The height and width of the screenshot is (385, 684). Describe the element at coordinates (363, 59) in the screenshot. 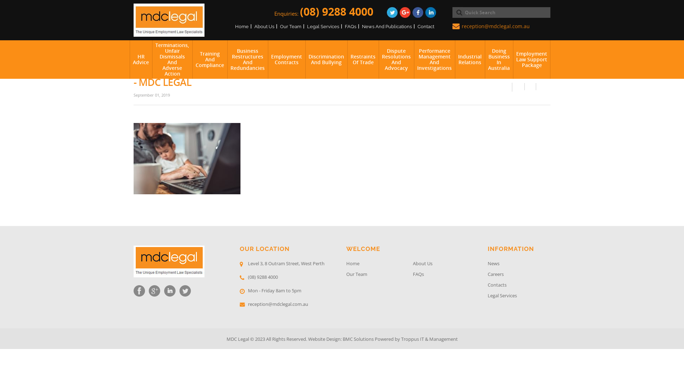

I see `'Restraints` at that location.